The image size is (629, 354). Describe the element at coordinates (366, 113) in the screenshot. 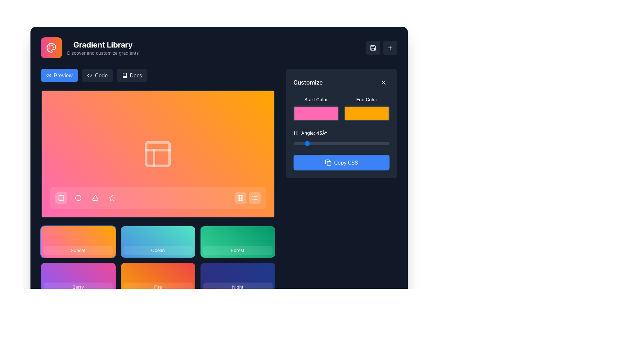

I see `and drop the Color input box located within the 'Customize' modal under the 'End Color' label, which is styled with a rounded border and an orange color` at that location.